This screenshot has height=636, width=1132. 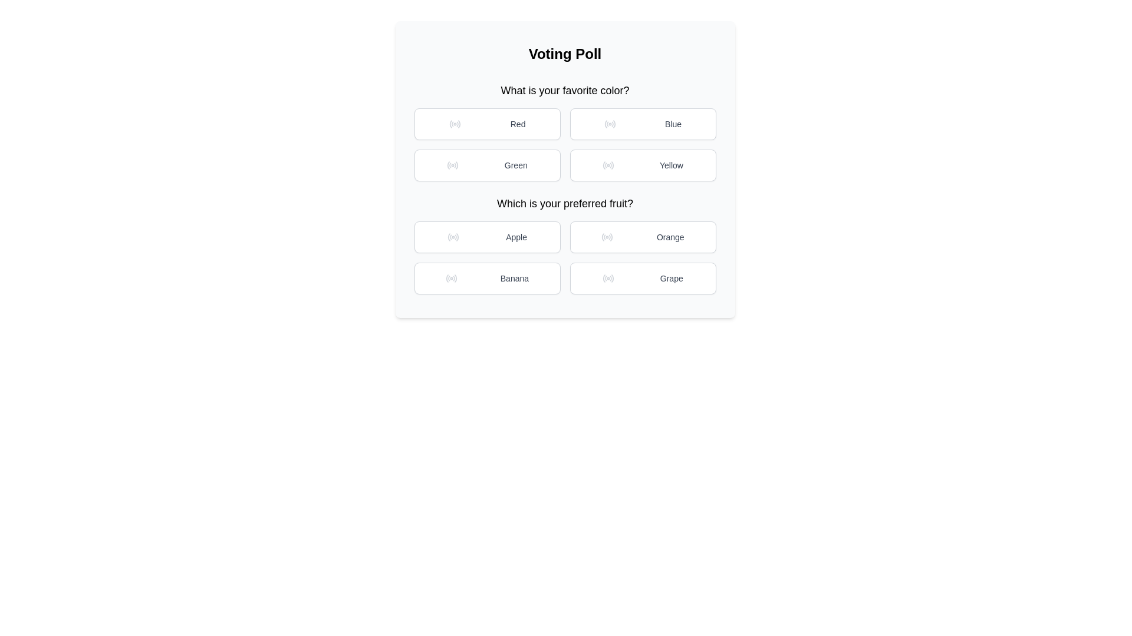 What do you see at coordinates (487, 279) in the screenshot?
I see `the selectable item with a radio button labeled 'Banana' to observe the hover effect` at bounding box center [487, 279].